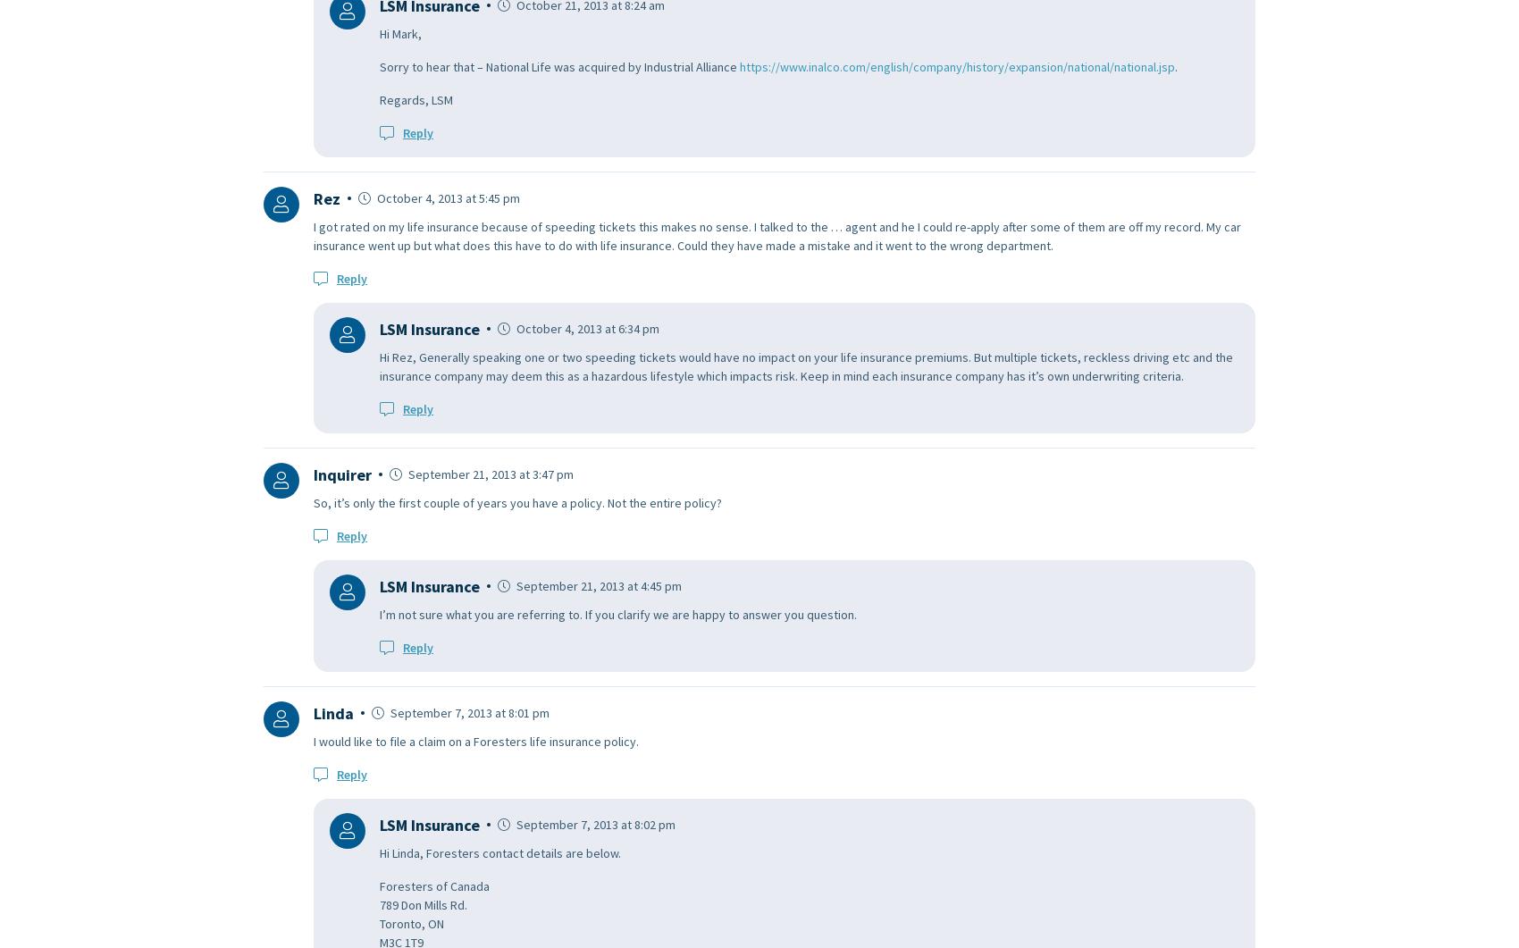  What do you see at coordinates (1176, 65) in the screenshot?
I see `'.'` at bounding box center [1176, 65].